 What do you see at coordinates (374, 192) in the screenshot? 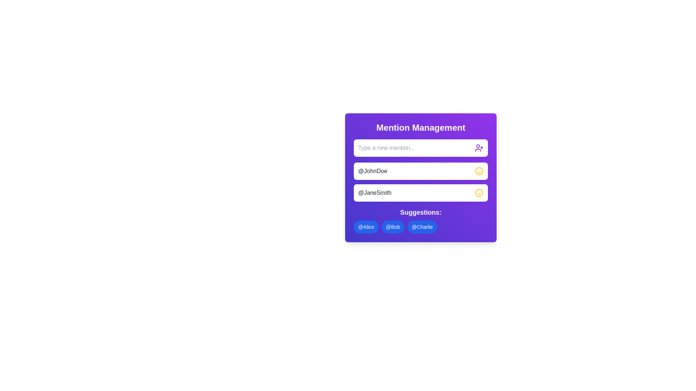
I see `the username '@JaneSmith' in the list of mentions located in the 'Mention Management' box, positioned between '@JohnDoe' and the 'Suggestions' section` at bounding box center [374, 192].